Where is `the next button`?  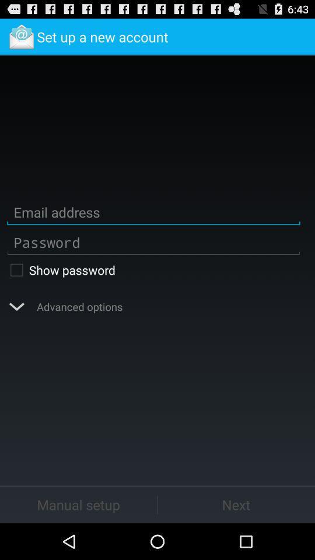
the next button is located at coordinates (236, 504).